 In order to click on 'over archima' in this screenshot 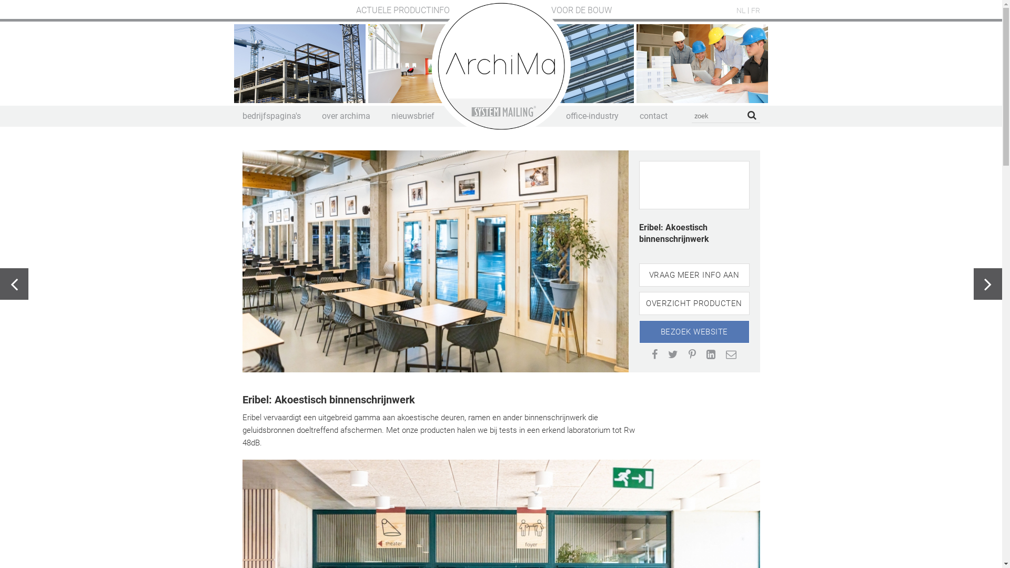, I will do `click(346, 116)`.